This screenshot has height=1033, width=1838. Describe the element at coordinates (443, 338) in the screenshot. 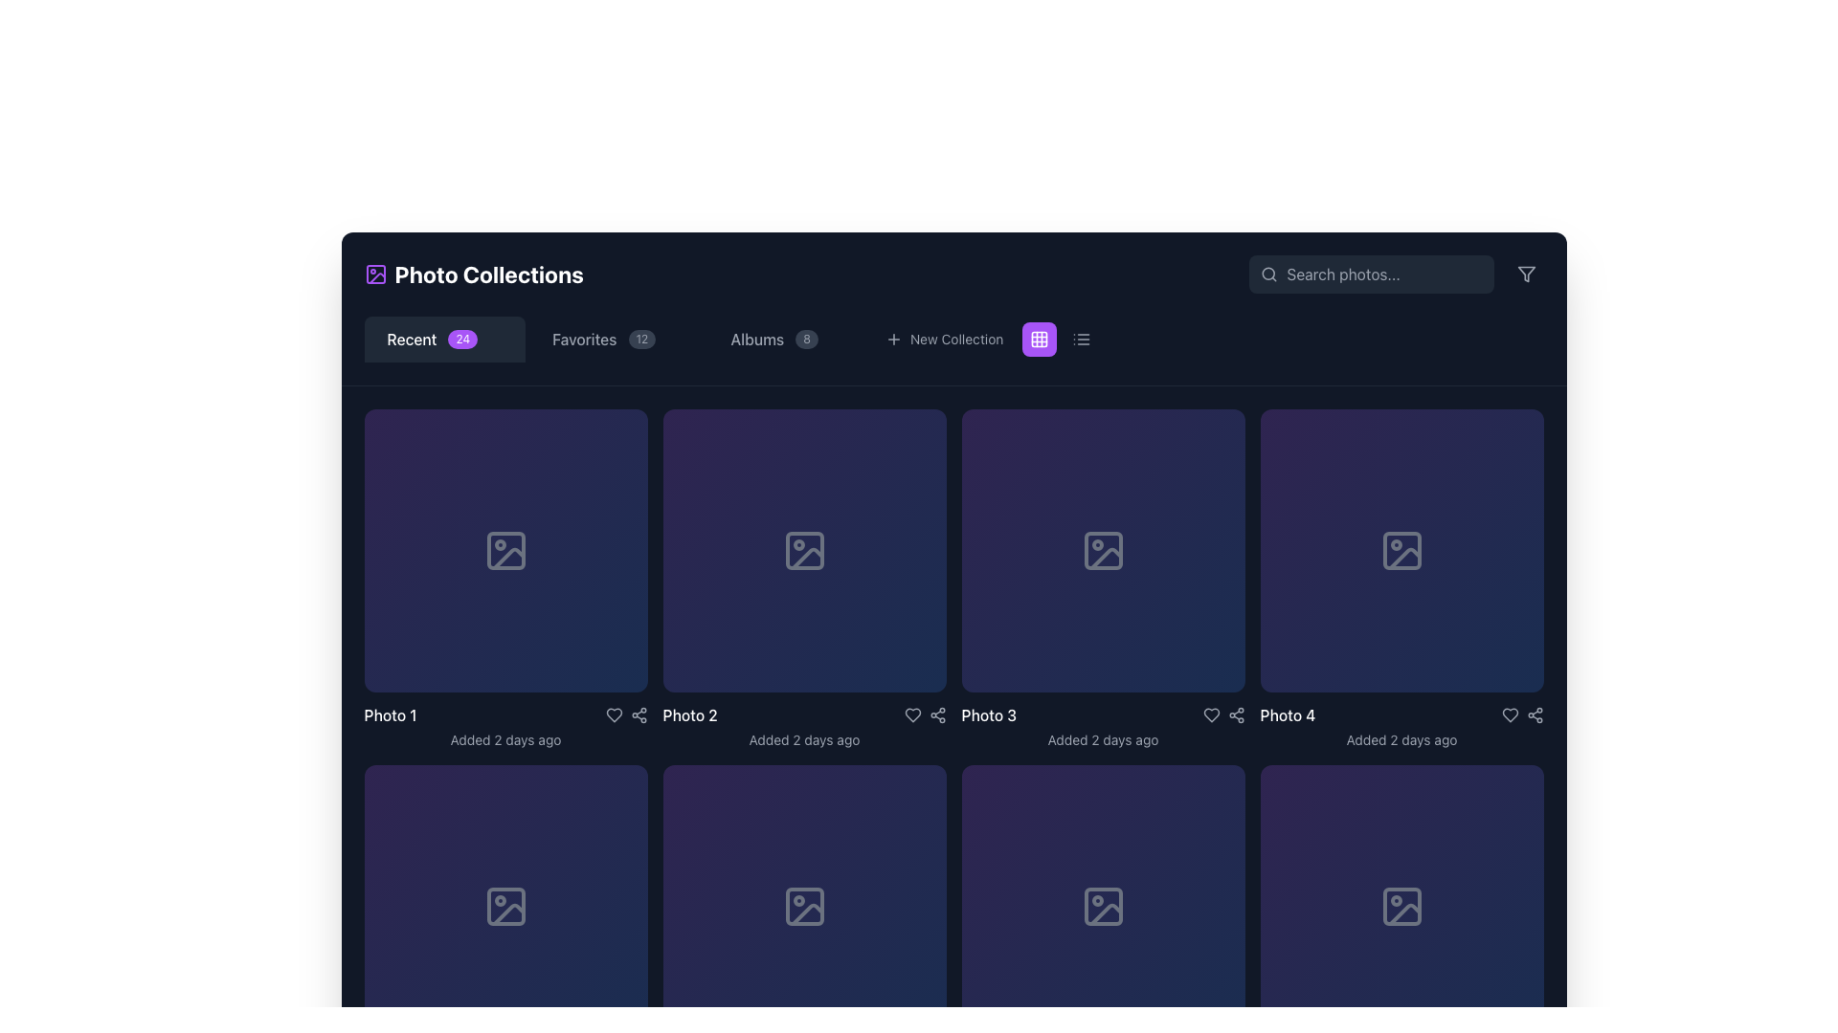

I see `the first button in the horizontal list of navigation tabs located beneath the 'Photo Collections' header to navigate to it` at that location.